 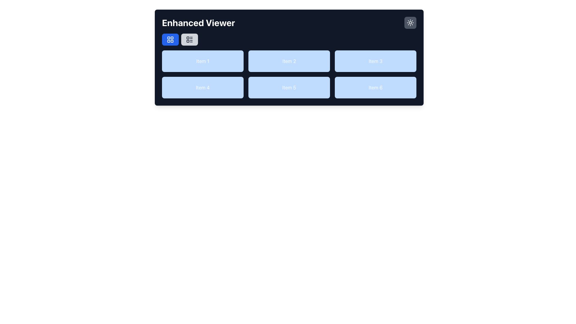 What do you see at coordinates (375, 61) in the screenshot?
I see `the Card or grid item located at the third position in the first row of a grid layout, which serves as a visual indicator or descriptor for its corresponding data` at bounding box center [375, 61].